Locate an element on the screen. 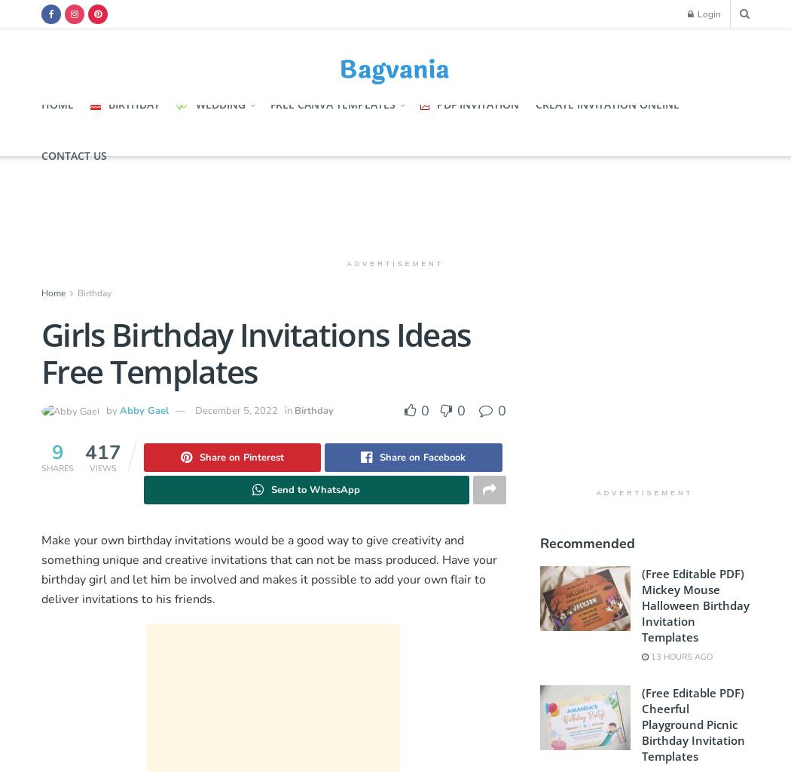 The height and width of the screenshot is (772, 791). 'your' is located at coordinates (484, 559).